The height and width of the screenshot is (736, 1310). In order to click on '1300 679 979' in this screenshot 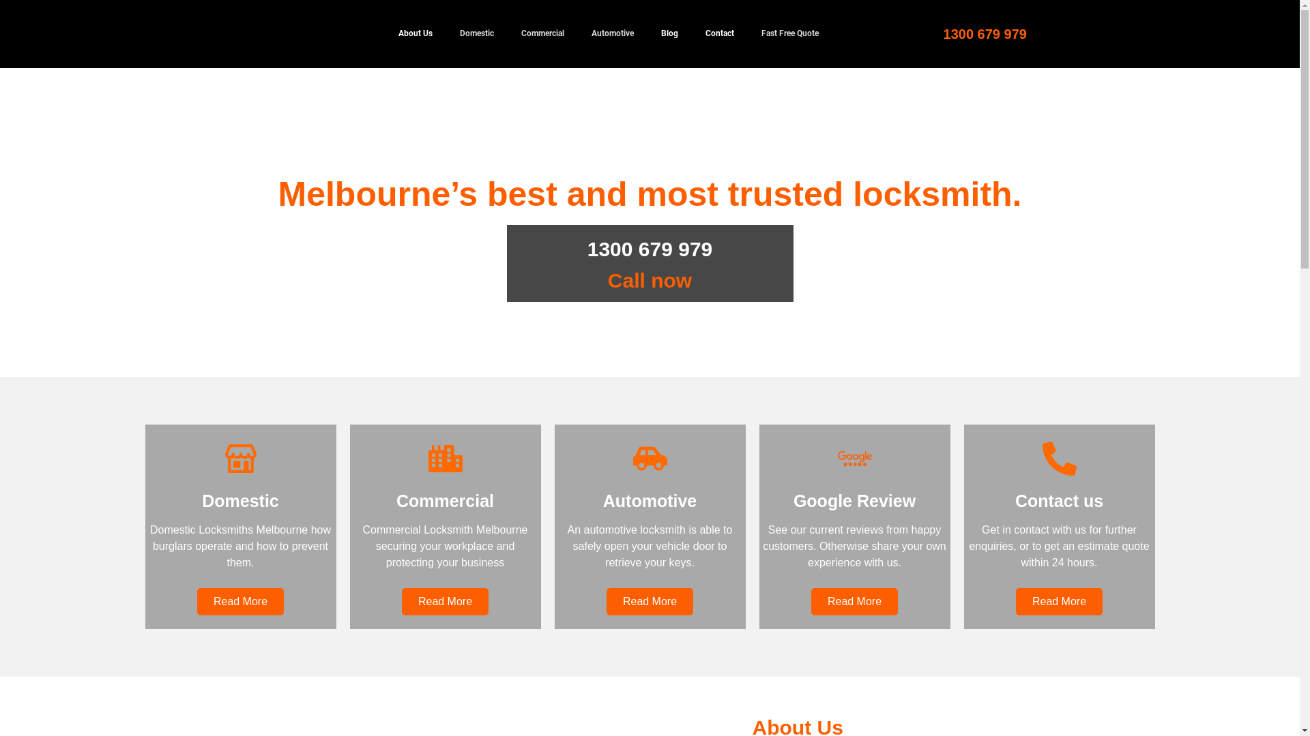, I will do `click(985, 33)`.